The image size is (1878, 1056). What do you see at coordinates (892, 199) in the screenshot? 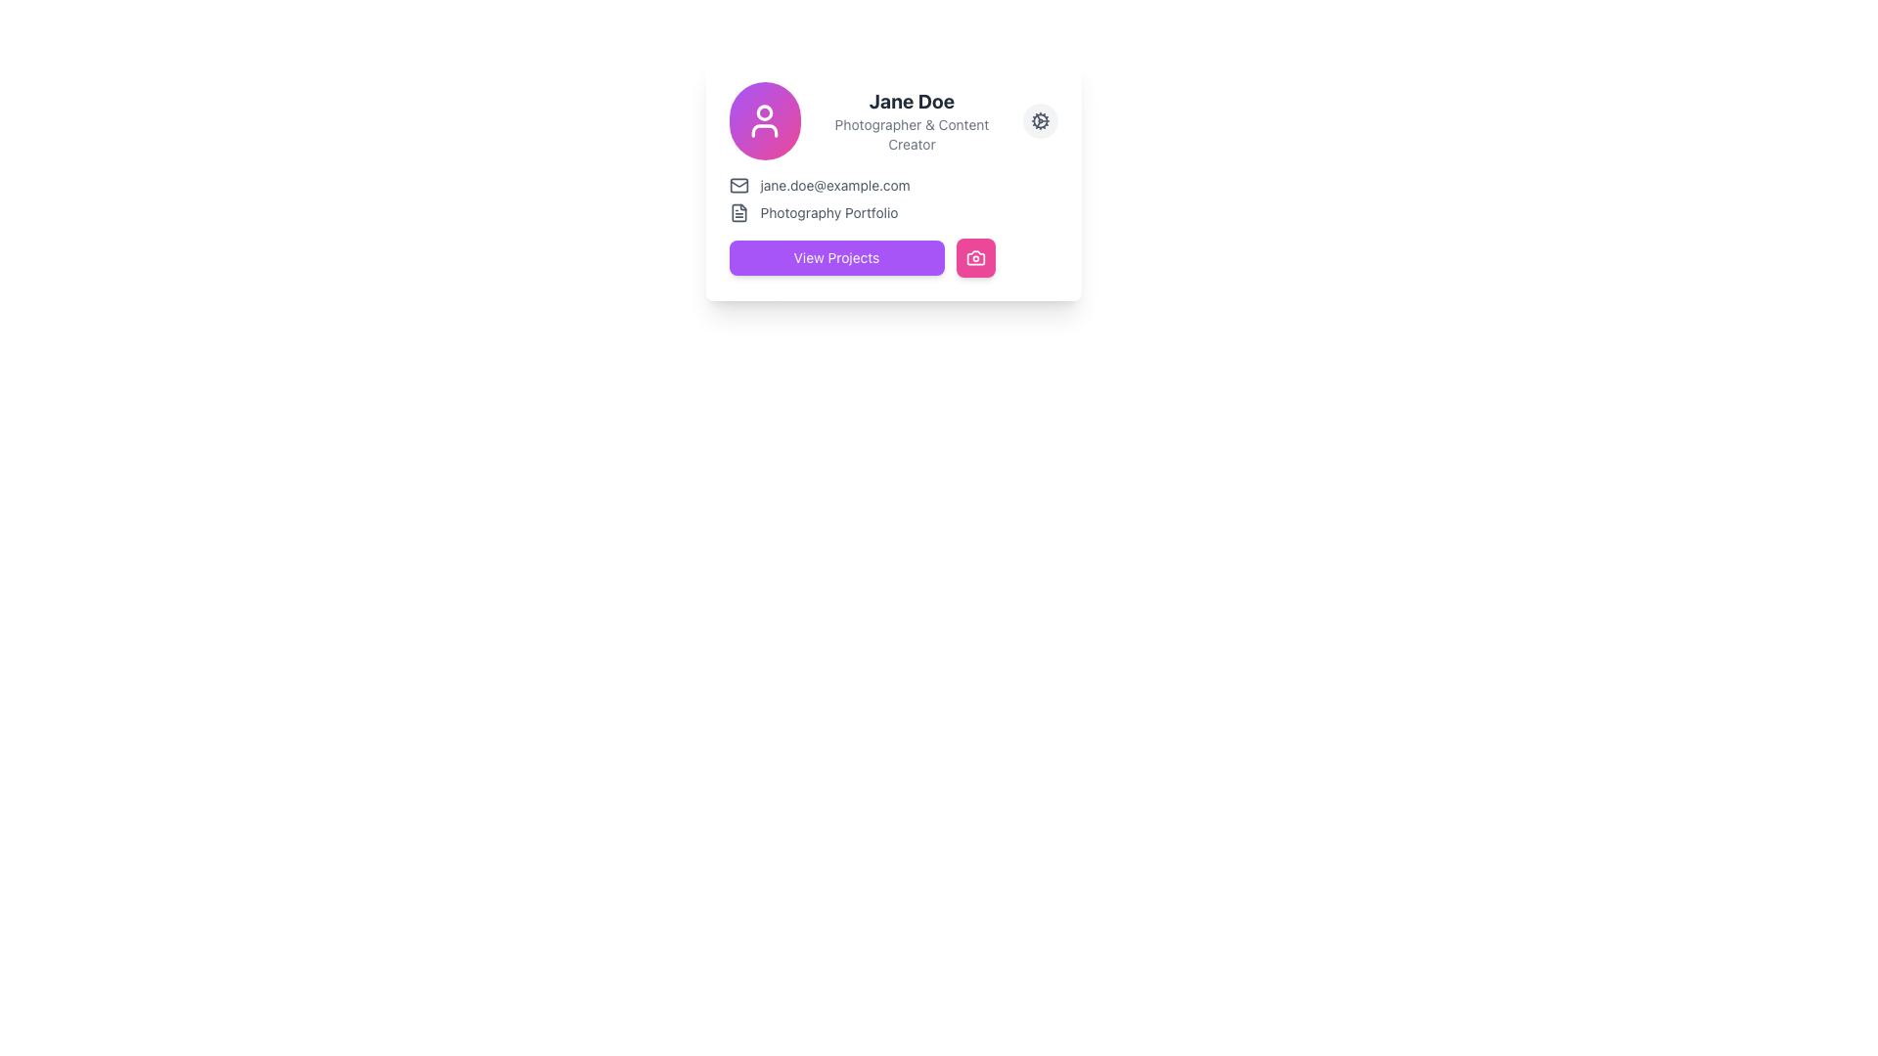
I see `the text label displaying 'jane.doe@example.com' and 'Photography Portfolio', which is centrally aligned below the 'Jane Doe Photographer & Content Creator' section` at bounding box center [892, 199].